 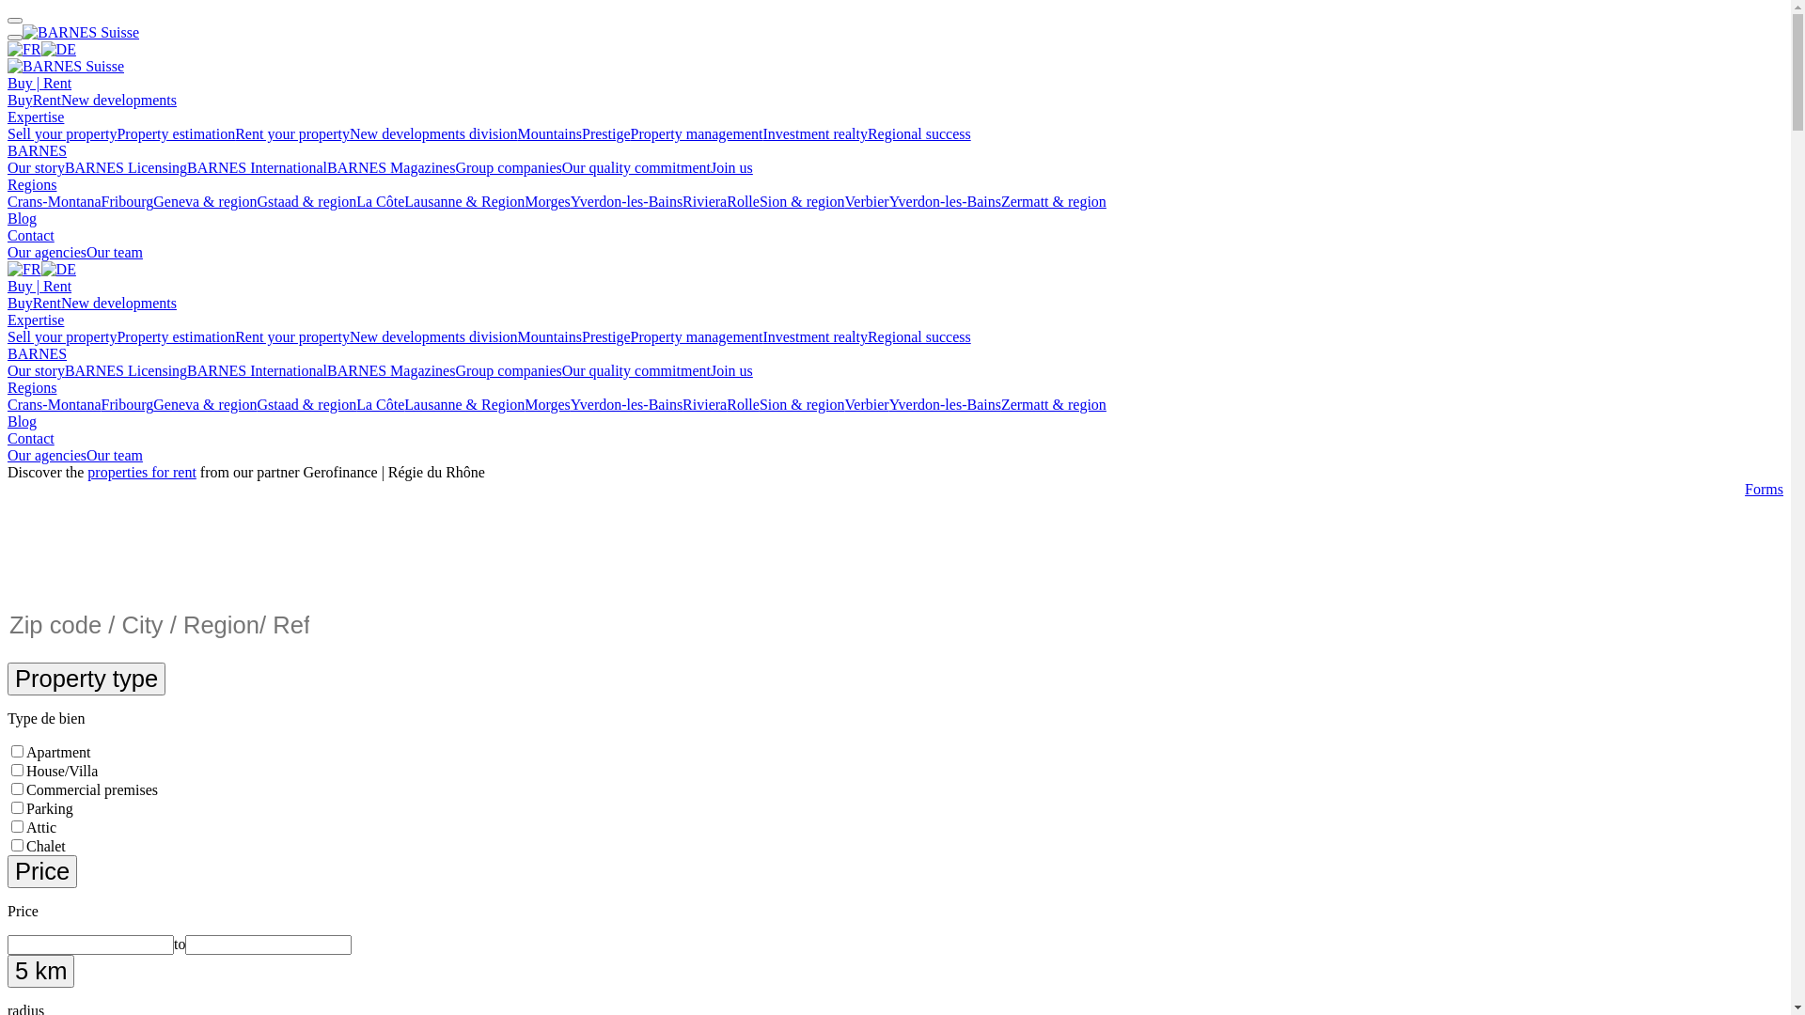 I want to click on 'Regions', so click(x=31, y=386).